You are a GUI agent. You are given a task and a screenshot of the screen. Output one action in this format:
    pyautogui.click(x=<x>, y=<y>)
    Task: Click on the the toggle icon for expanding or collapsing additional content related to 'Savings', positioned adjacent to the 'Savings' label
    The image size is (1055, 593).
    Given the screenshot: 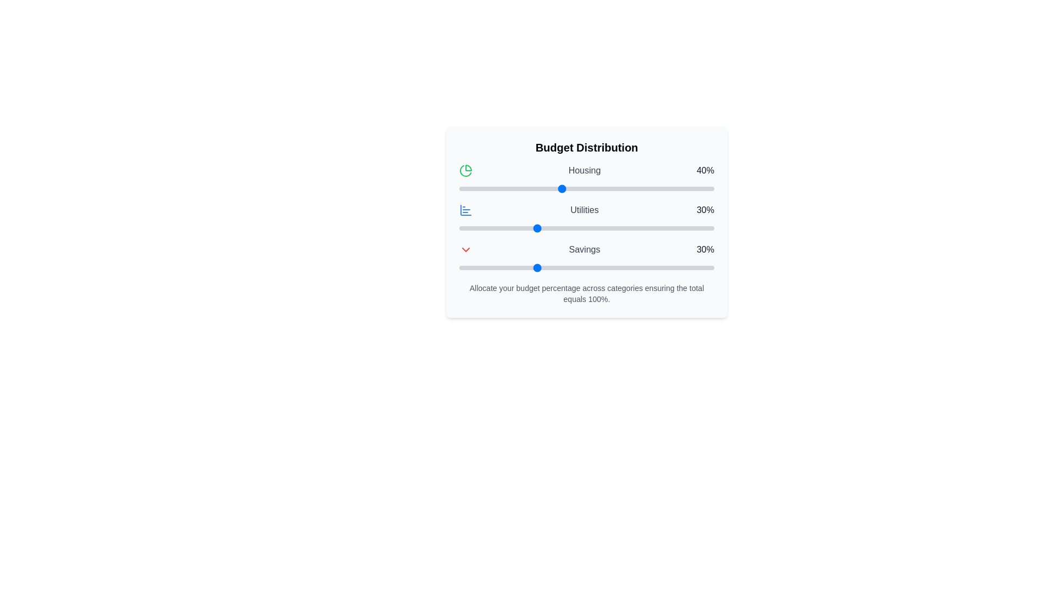 What is the action you would take?
    pyautogui.click(x=466, y=250)
    